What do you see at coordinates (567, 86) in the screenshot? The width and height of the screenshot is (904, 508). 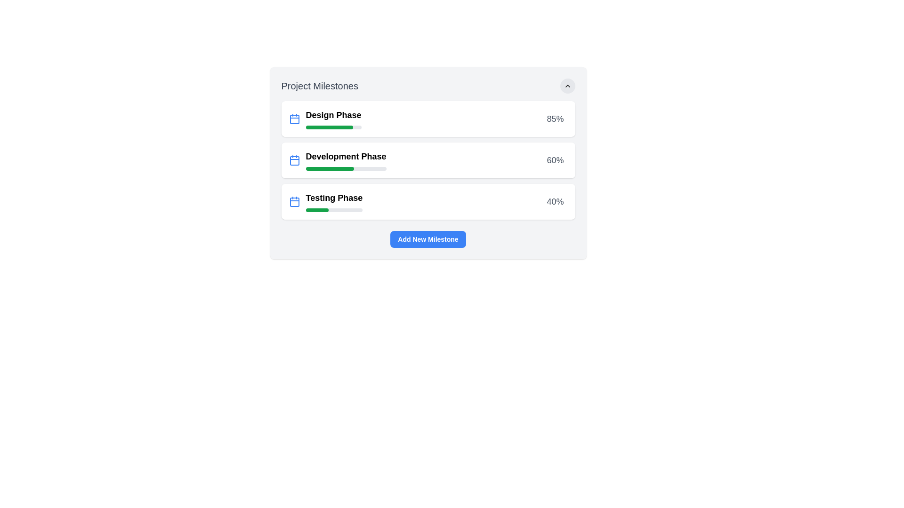 I see `the circular button with a light gray background and a black upward-pointing chevron icon located to the right of the 'Project Milestones' text to observe the hover effect` at bounding box center [567, 86].